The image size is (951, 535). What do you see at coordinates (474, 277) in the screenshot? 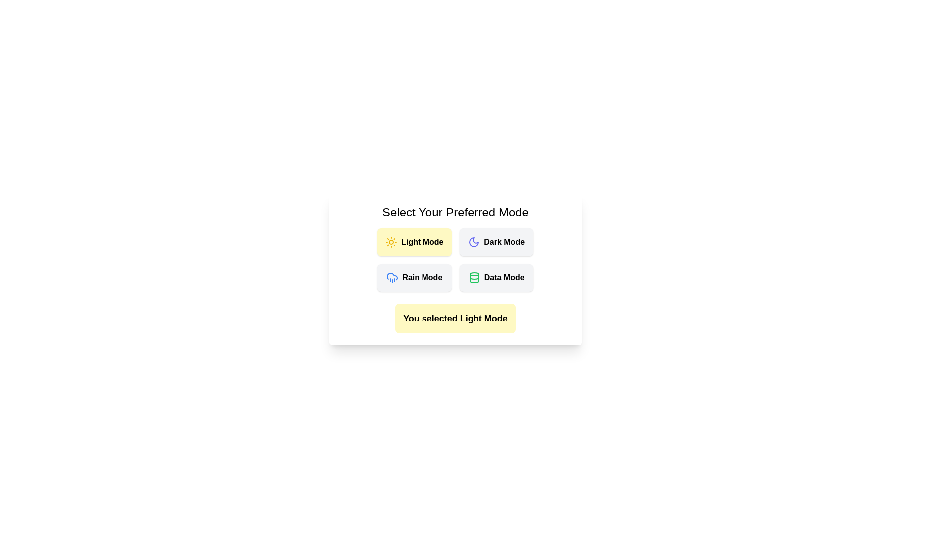
I see `the 'Database' or 'Data Mode' icon located in the bottom-right corner of the grid layout to switch the interface to data mode` at bounding box center [474, 277].